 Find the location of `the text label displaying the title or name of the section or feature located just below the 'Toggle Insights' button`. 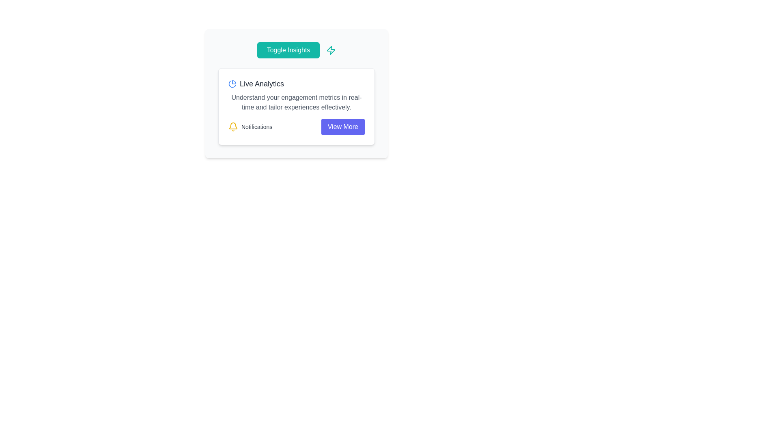

the text label displaying the title or name of the section or feature located just below the 'Toggle Insights' button is located at coordinates (262, 84).